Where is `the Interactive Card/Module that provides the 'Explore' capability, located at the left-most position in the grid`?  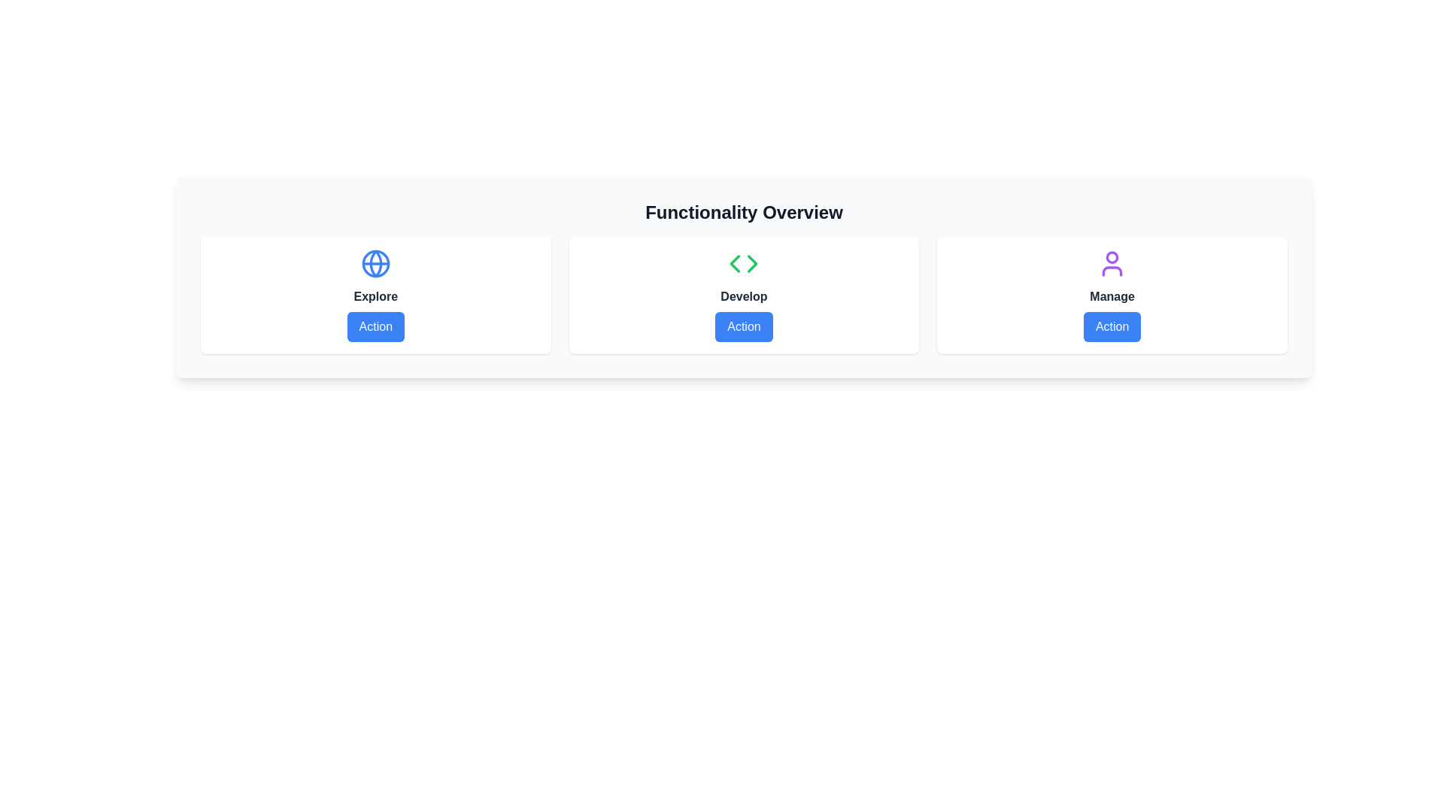 the Interactive Card/Module that provides the 'Explore' capability, located at the left-most position in the grid is located at coordinates (375, 295).